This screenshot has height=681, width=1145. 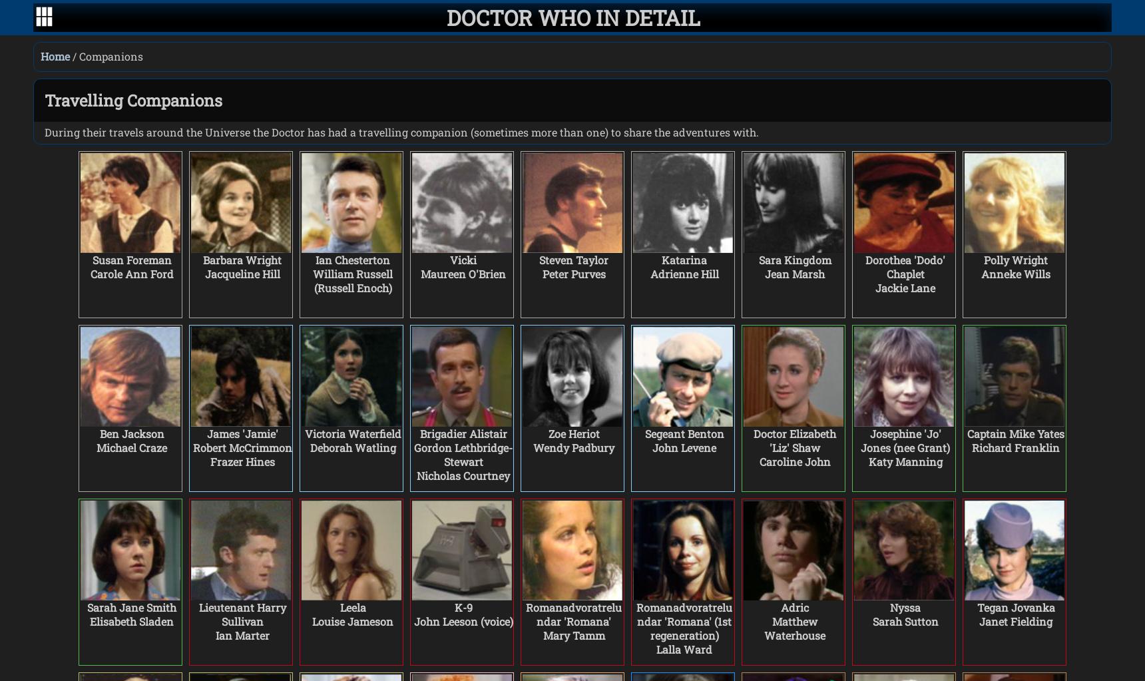 What do you see at coordinates (242, 440) in the screenshot?
I see `'James 'Jamie' Robert McCrimmon'` at bounding box center [242, 440].